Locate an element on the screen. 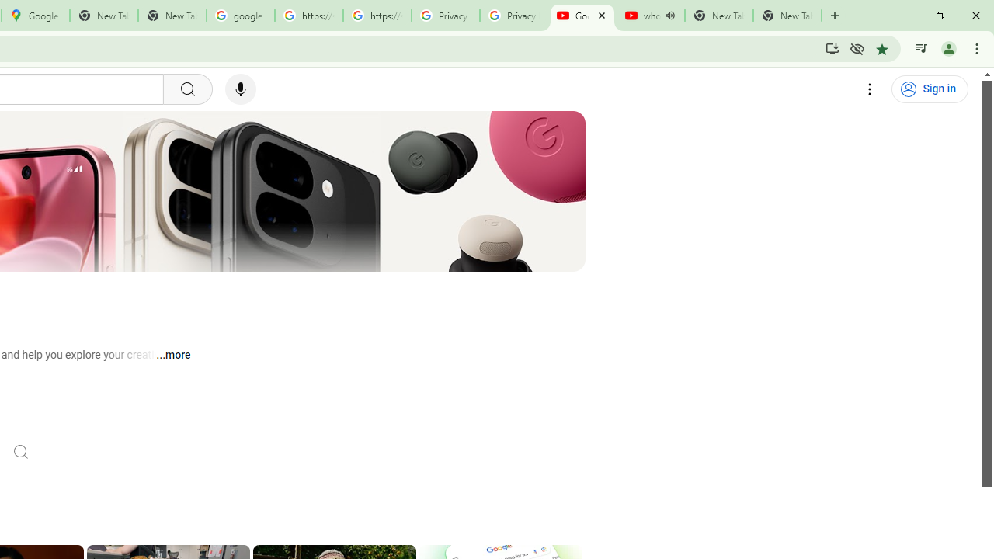 The image size is (994, 559). 'Search' is located at coordinates (20, 451).